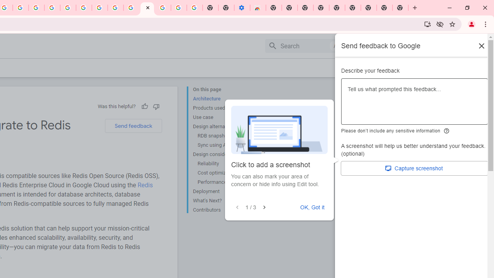 This screenshot has height=278, width=494. I want to click on 'New Tab', so click(401, 8).